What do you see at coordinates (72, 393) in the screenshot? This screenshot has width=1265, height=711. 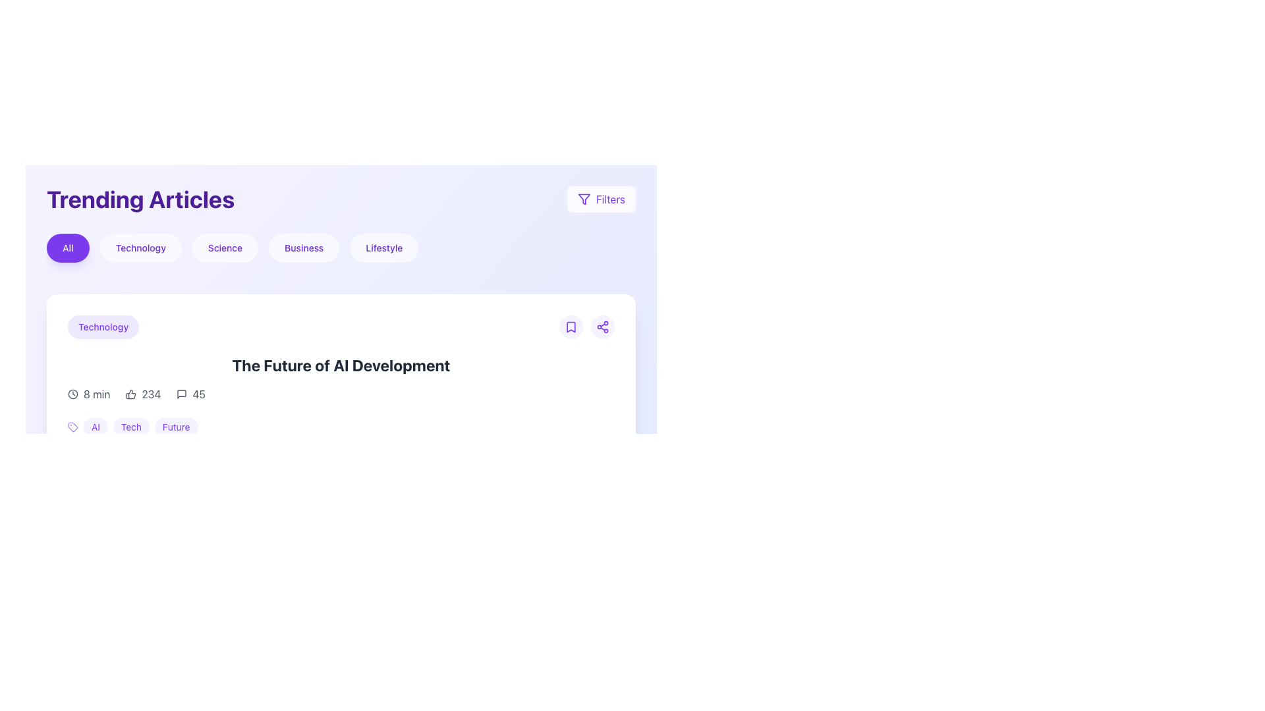 I see `the clock icon, which is a circular outline with two hands indicating time, located to the left of the text '8 min' and centered within its horizontal group below the title of an article card` at bounding box center [72, 393].